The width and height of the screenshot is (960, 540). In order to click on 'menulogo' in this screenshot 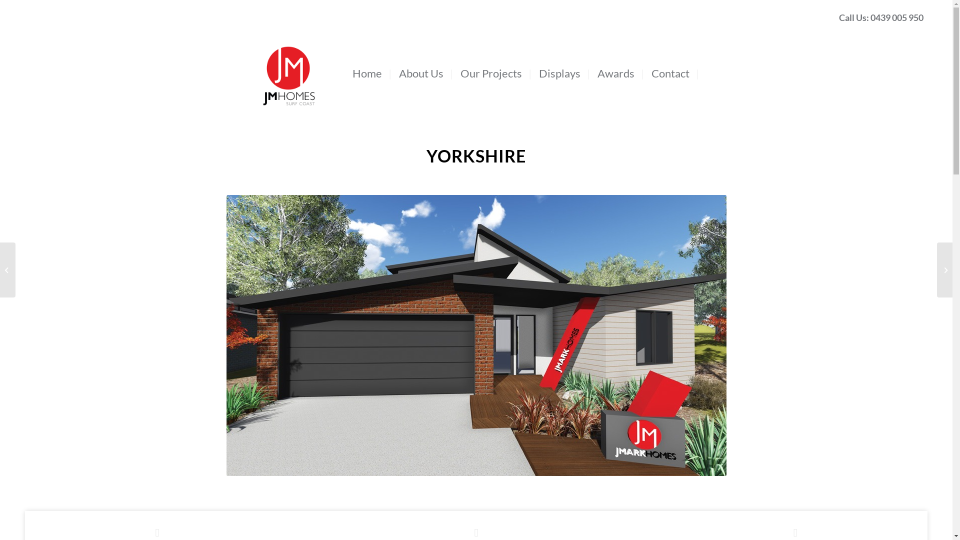, I will do `click(288, 58)`.